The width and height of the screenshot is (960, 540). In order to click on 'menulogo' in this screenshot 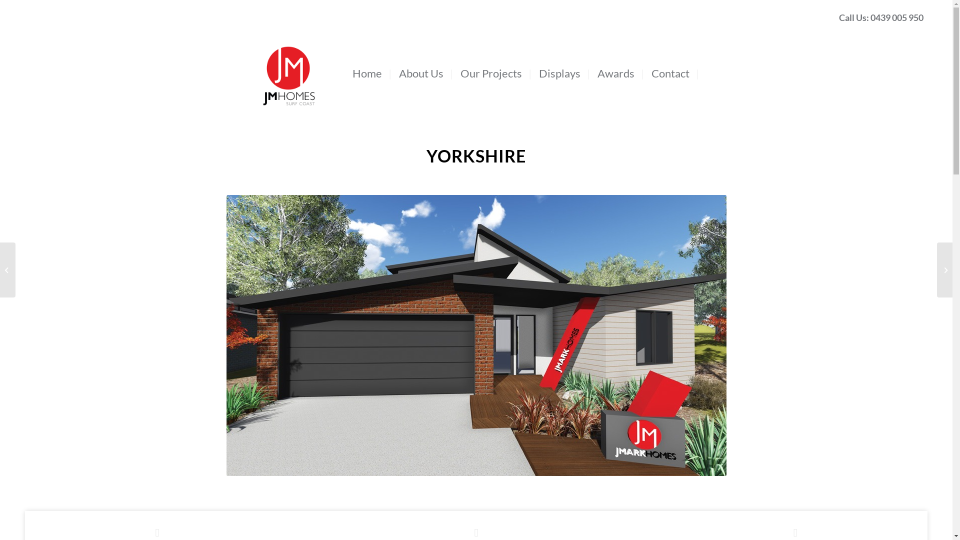, I will do `click(288, 58)`.